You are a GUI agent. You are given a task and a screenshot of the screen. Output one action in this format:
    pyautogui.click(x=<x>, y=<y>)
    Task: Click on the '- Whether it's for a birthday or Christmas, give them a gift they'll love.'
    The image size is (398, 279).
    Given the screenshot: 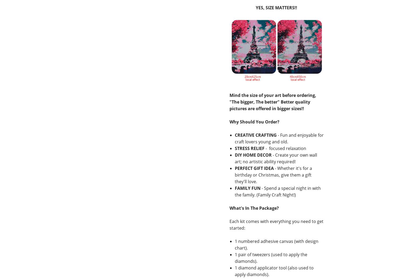 What is the action you would take?
    pyautogui.click(x=273, y=175)
    